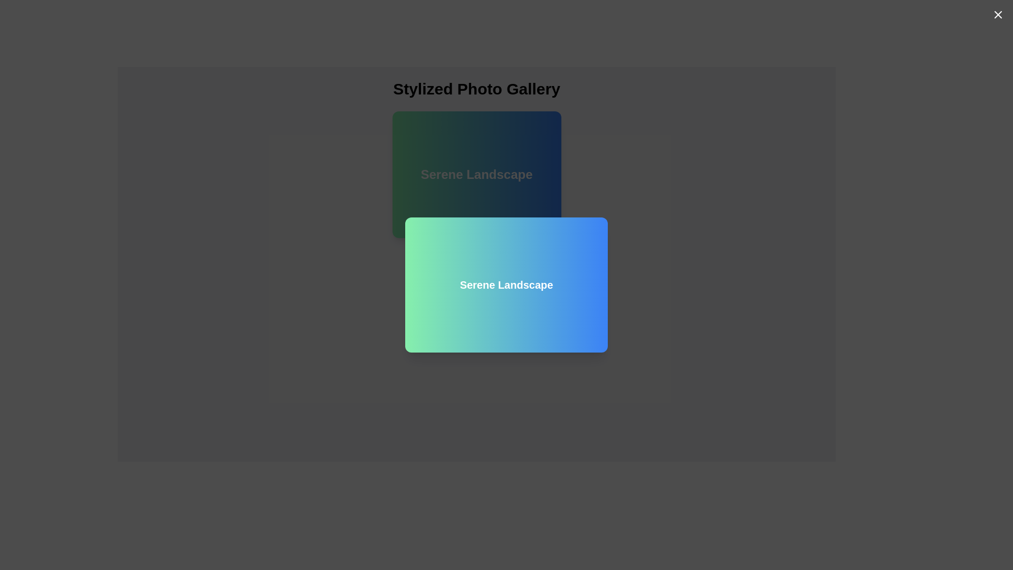  What do you see at coordinates (476, 89) in the screenshot?
I see `the text element styled with large, bold, sans-serif typography that reads 'Stylized Photo Gallery', which is centered horizontally and positioned above other visual elements` at bounding box center [476, 89].